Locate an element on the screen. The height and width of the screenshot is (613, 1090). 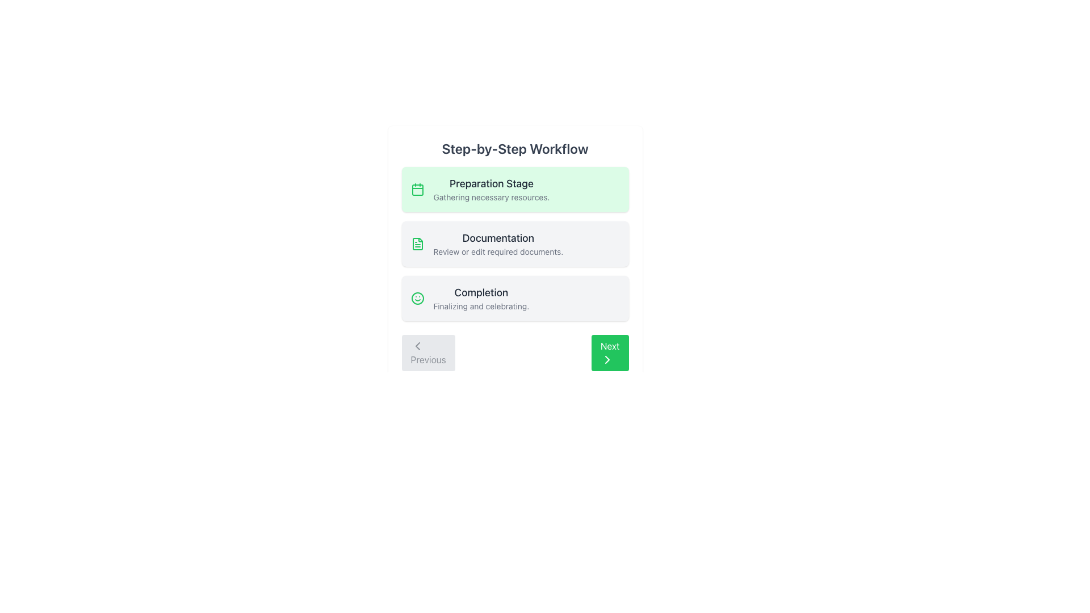
contents of the 'Preparation Stage' Card element, which is the first item in a vertical list of stages is located at coordinates (514, 189).